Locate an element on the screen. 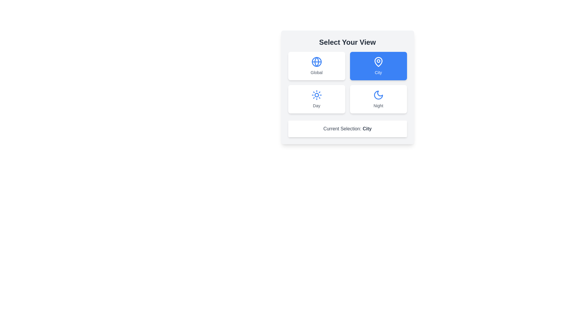 The height and width of the screenshot is (320, 570). the 'Global' button with a white background and gray text in the 'Select Your View' section is located at coordinates (316, 66).